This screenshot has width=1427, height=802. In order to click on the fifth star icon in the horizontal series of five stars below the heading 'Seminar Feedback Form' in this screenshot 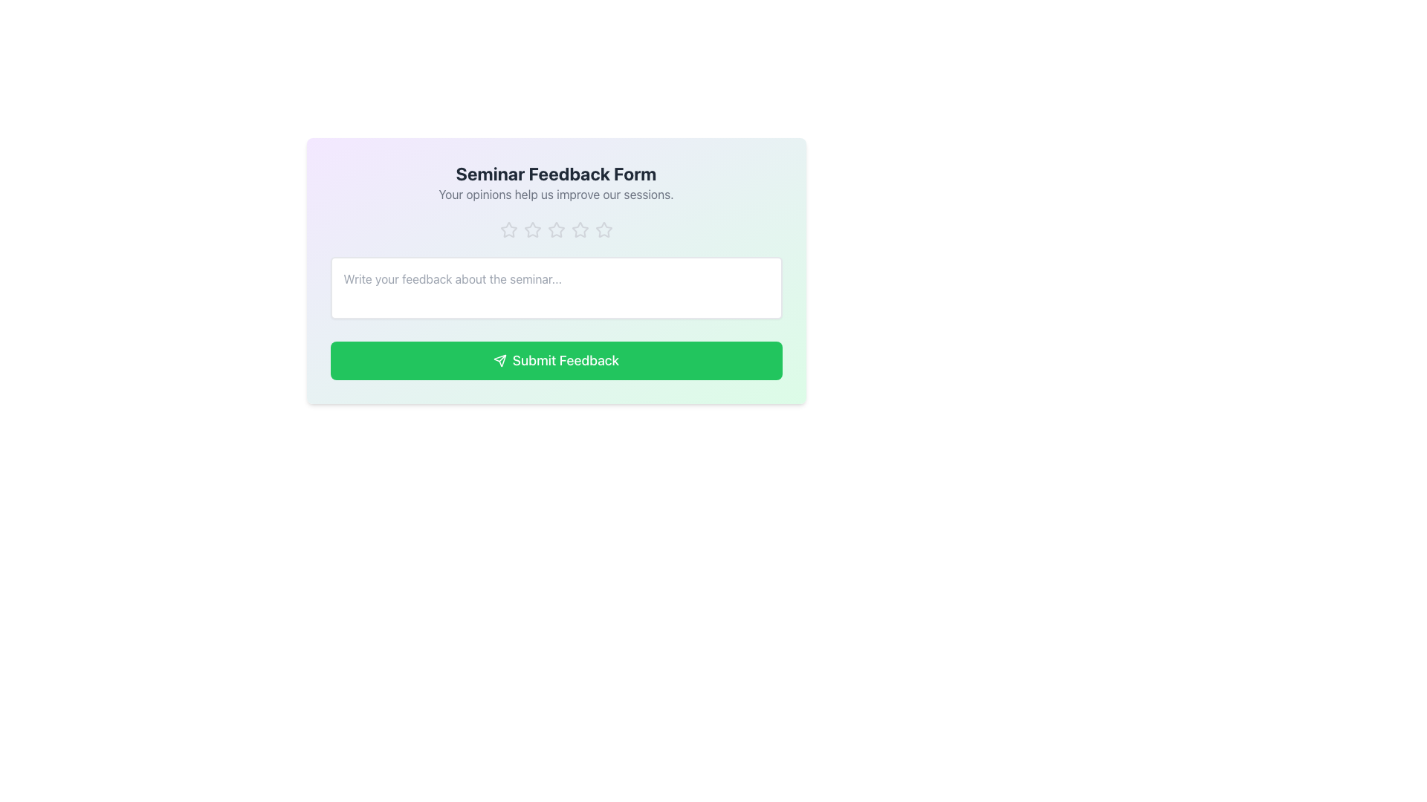, I will do `click(604, 229)`.